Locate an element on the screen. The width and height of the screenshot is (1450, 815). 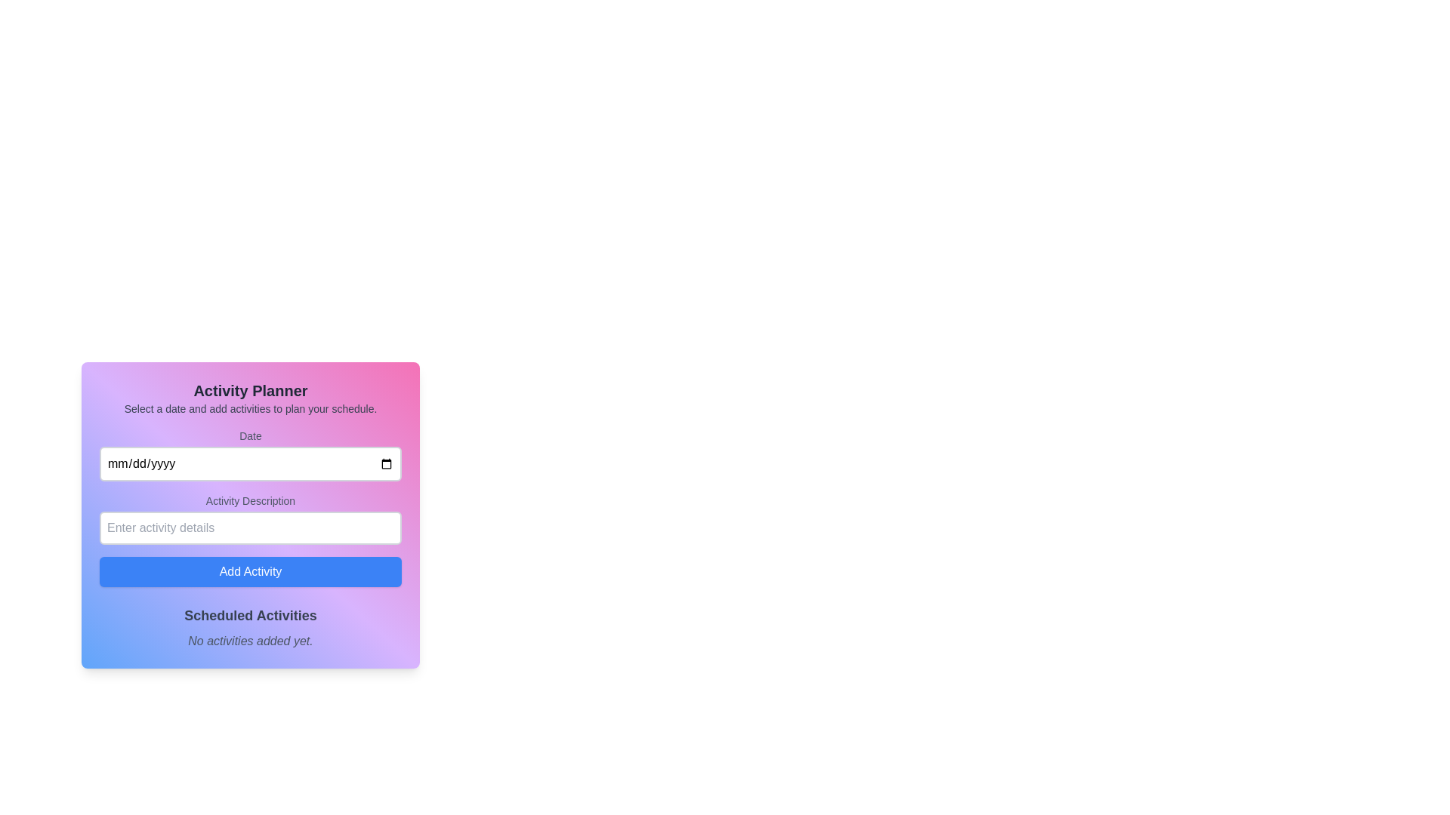
the Text Section that displays the status of scheduled activities, located at the bottom of the 'Activity Planner' module, below the 'Add Activity' button is located at coordinates (250, 628).